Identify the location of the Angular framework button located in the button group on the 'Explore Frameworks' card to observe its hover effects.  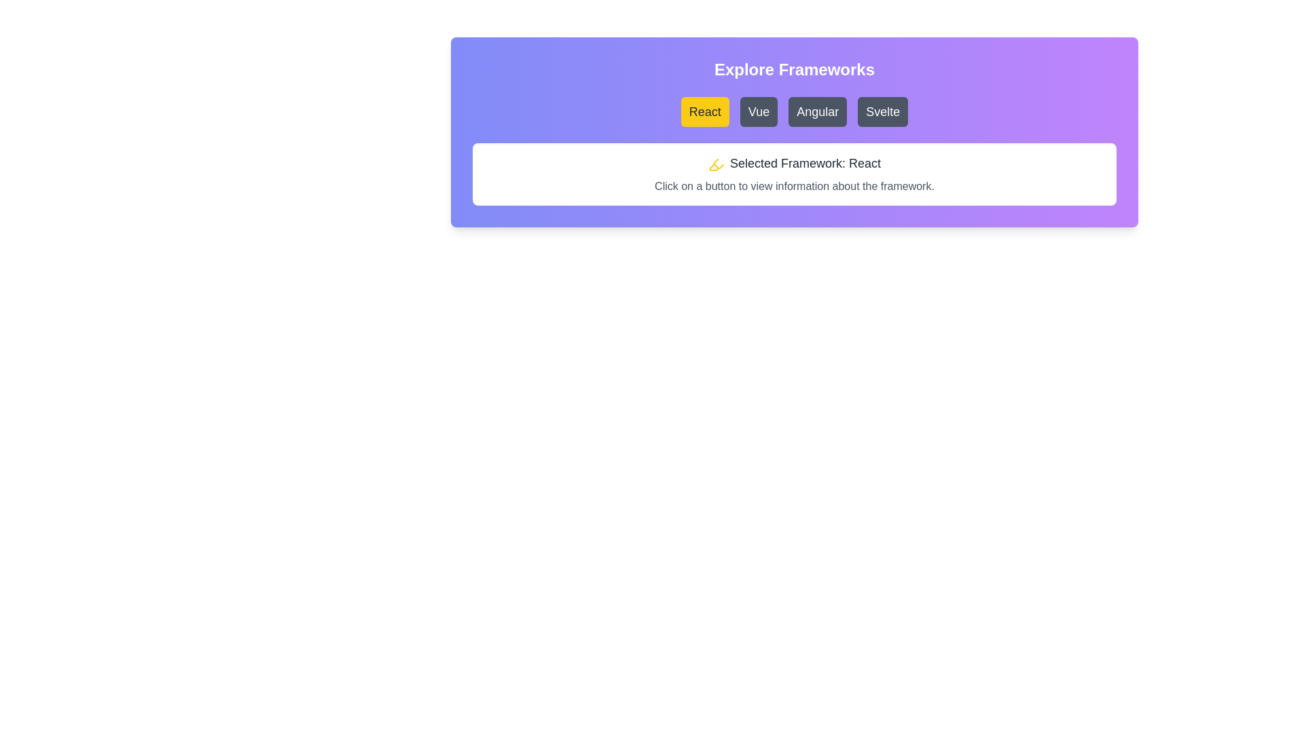
(817, 111).